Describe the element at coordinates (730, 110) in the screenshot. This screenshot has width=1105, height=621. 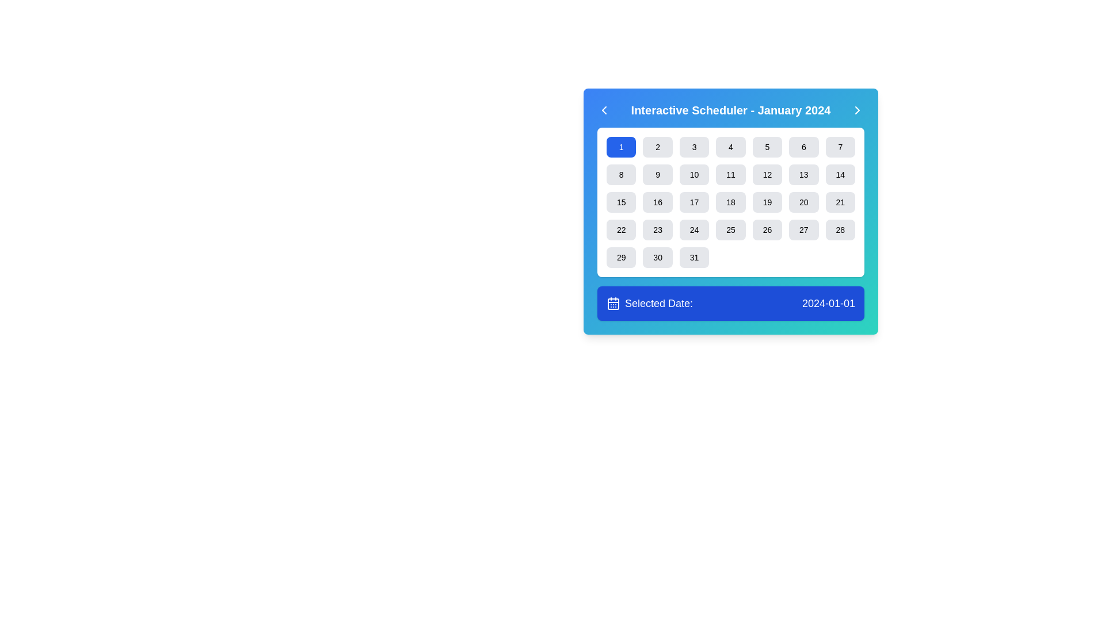
I see `the text label displaying the title and current month/year in the interactive scheduler, which is centrally located in the header section of the scheduling dialog` at that location.